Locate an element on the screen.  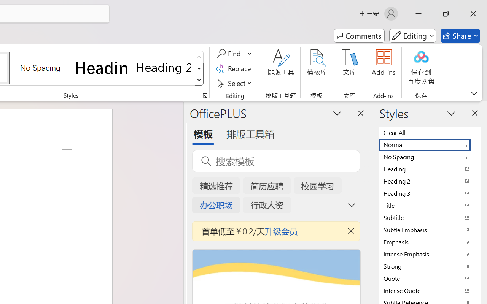
'Emphasis' is located at coordinates (430, 241).